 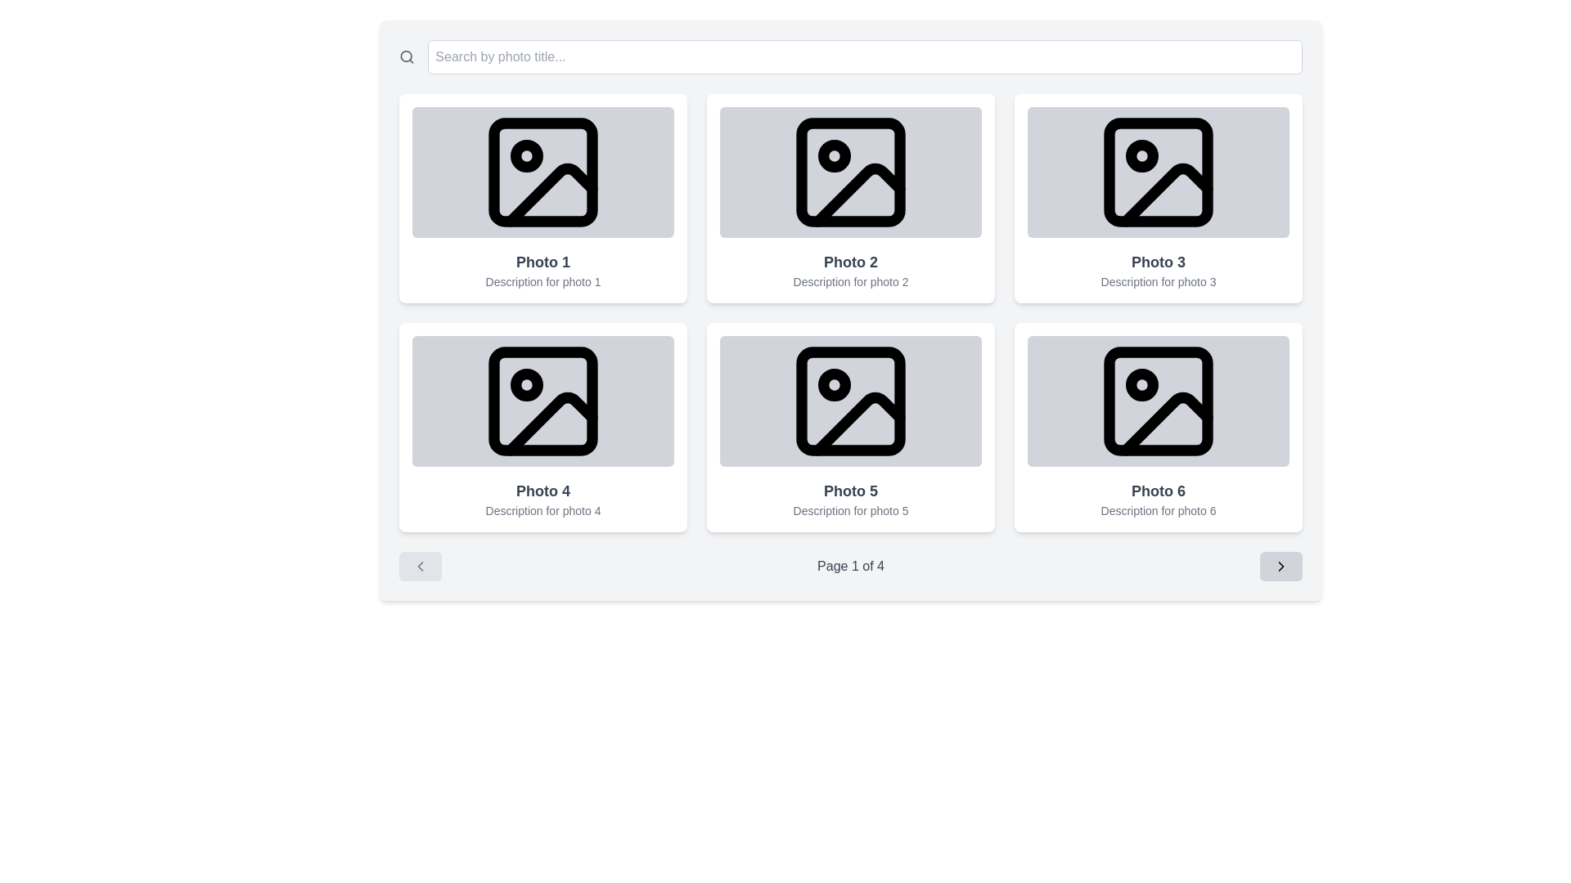 I want to click on the small circular shape located inside the image placeholder of the 'Photo 1' card in the upper left quadrant, so click(x=526, y=156).